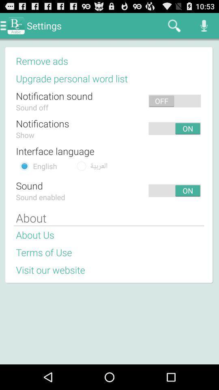 The width and height of the screenshot is (219, 390). Describe the element at coordinates (106, 191) in the screenshot. I see `item above the about app` at that location.